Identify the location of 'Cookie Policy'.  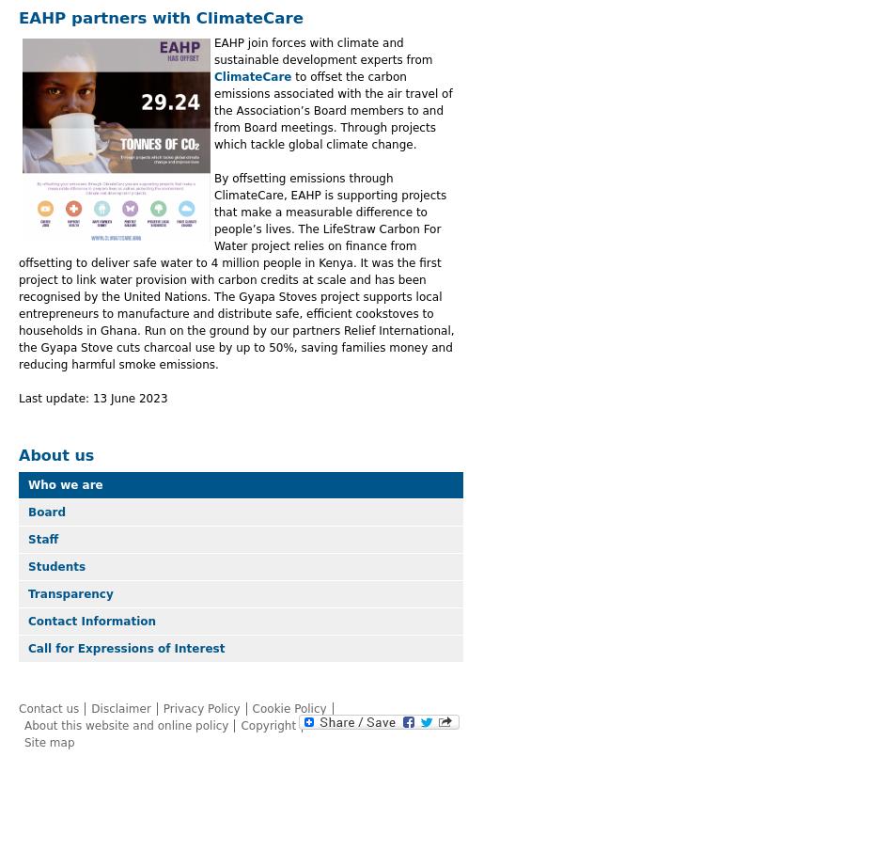
(289, 706).